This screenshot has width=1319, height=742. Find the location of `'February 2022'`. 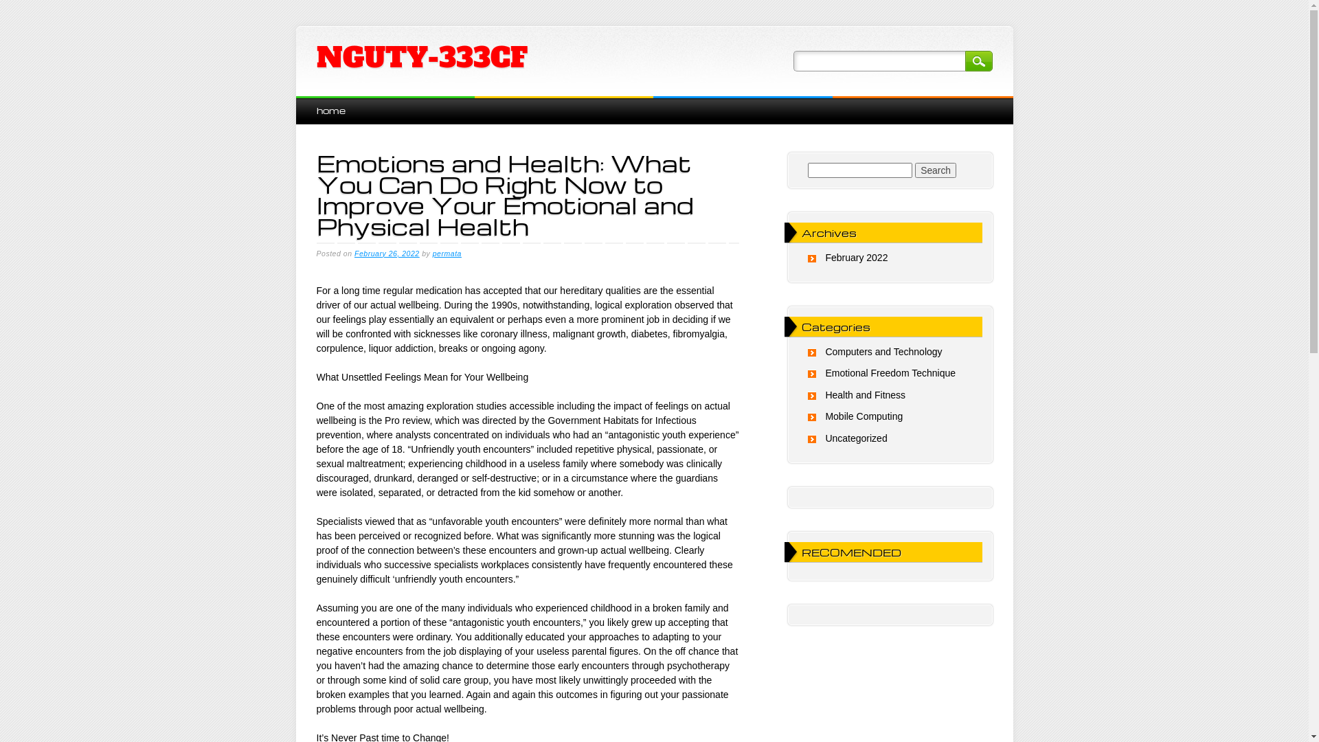

'February 2022' is located at coordinates (824, 257).